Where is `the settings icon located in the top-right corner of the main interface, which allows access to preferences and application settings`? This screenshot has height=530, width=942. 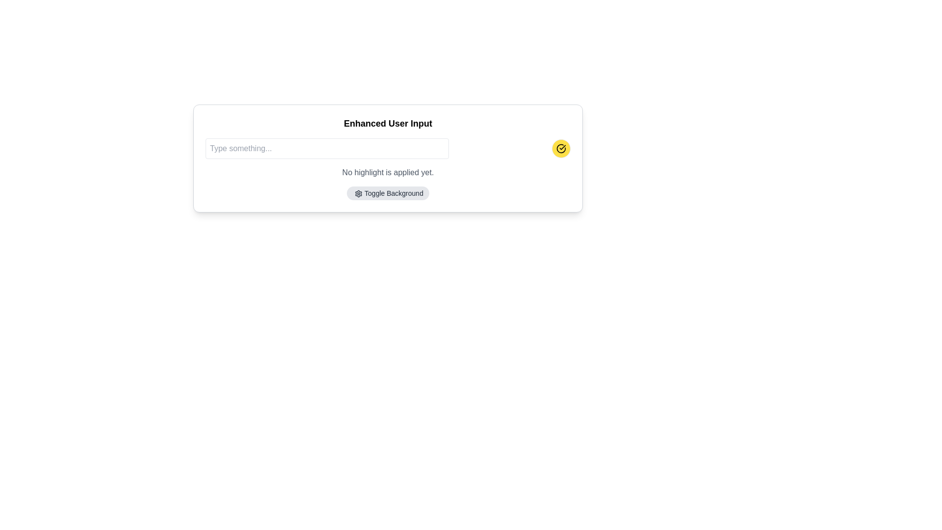 the settings icon located in the top-right corner of the main interface, which allows access to preferences and application settings is located at coordinates (358, 194).